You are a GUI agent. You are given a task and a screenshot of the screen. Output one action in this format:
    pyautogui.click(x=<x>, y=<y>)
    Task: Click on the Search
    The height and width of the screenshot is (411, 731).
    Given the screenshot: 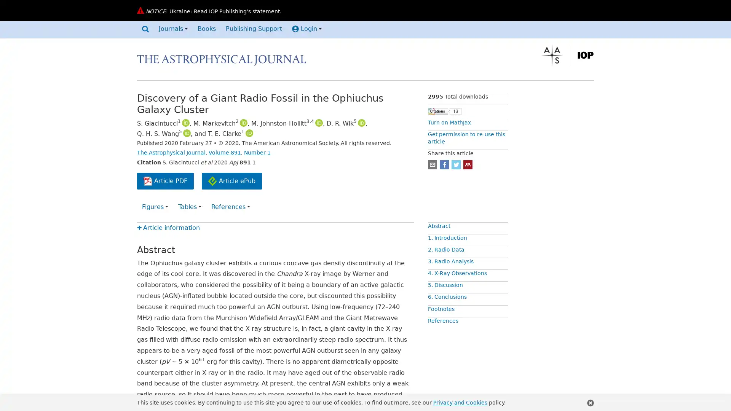 What is the action you would take?
    pyautogui.click(x=145, y=30)
    